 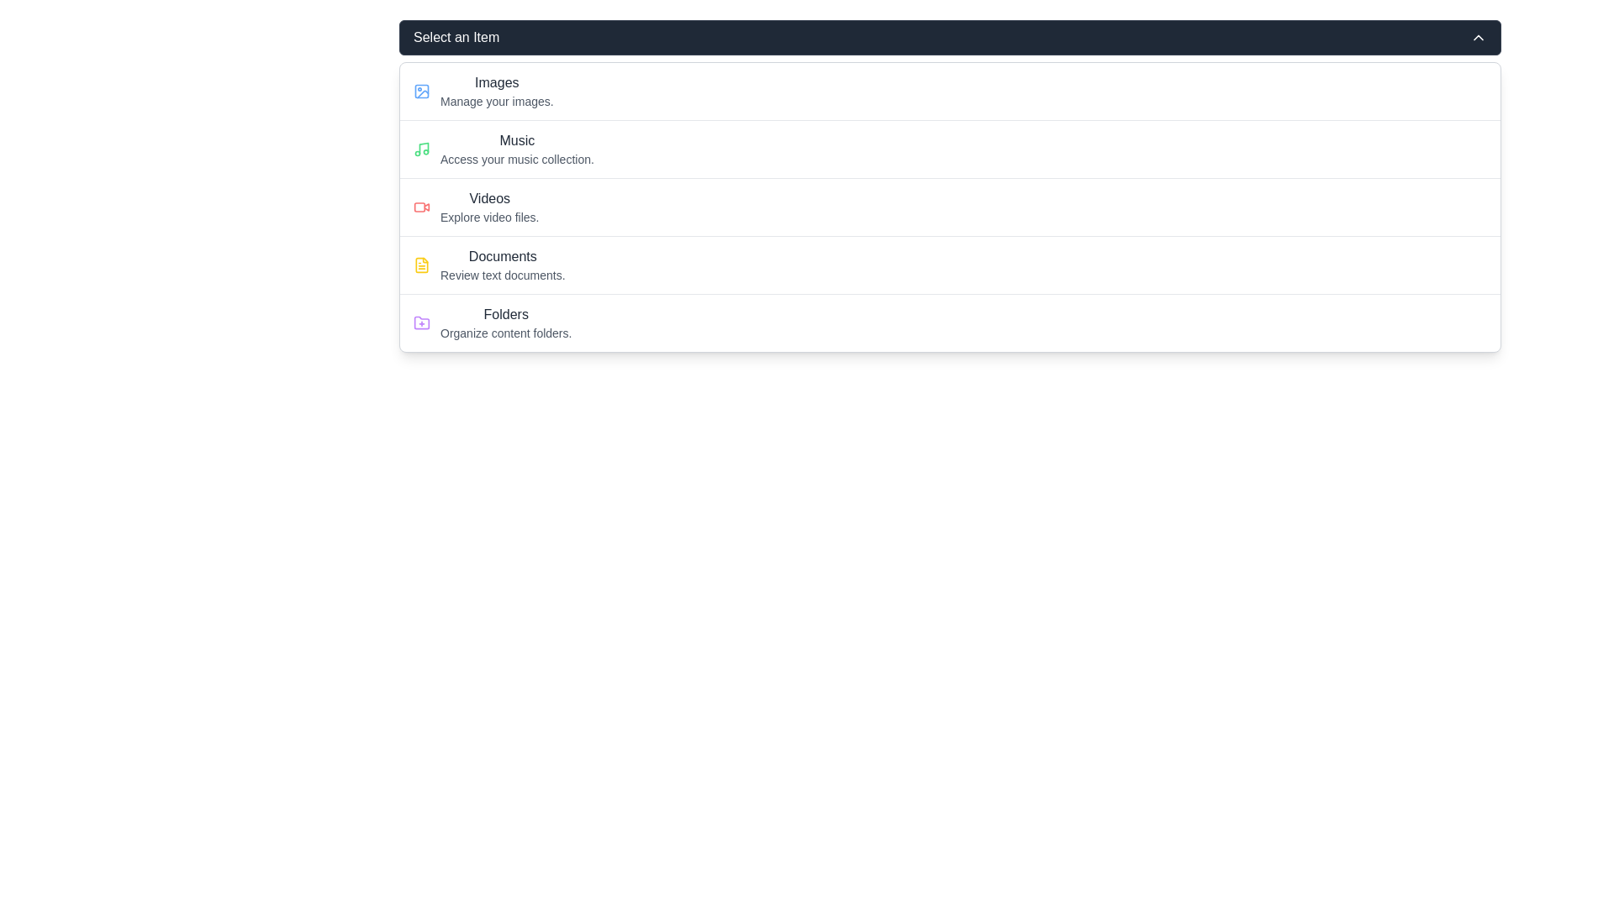 What do you see at coordinates (505, 333) in the screenshot?
I see `the text label that reads 'Organize content folders.' which is styled in a smaller gray font and located below the 'Folders' heading in the vertically stacked menu` at bounding box center [505, 333].